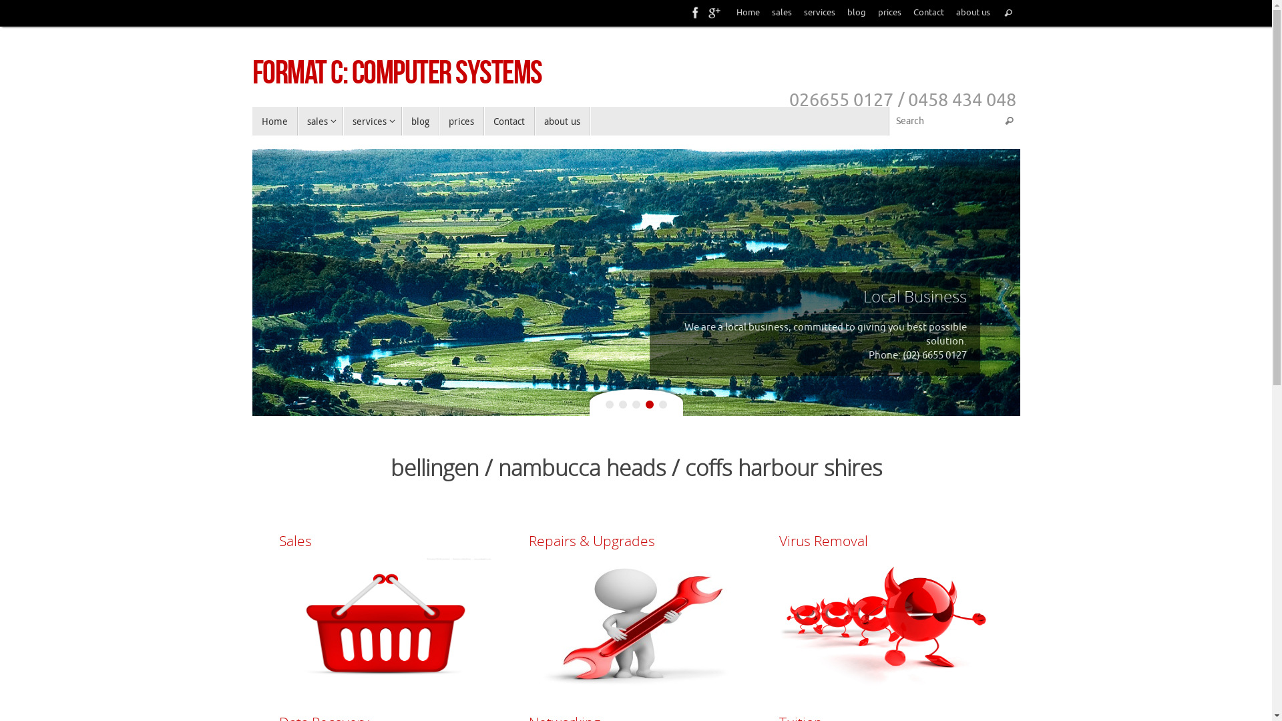 The height and width of the screenshot is (721, 1282). I want to click on 'services', so click(819, 13).